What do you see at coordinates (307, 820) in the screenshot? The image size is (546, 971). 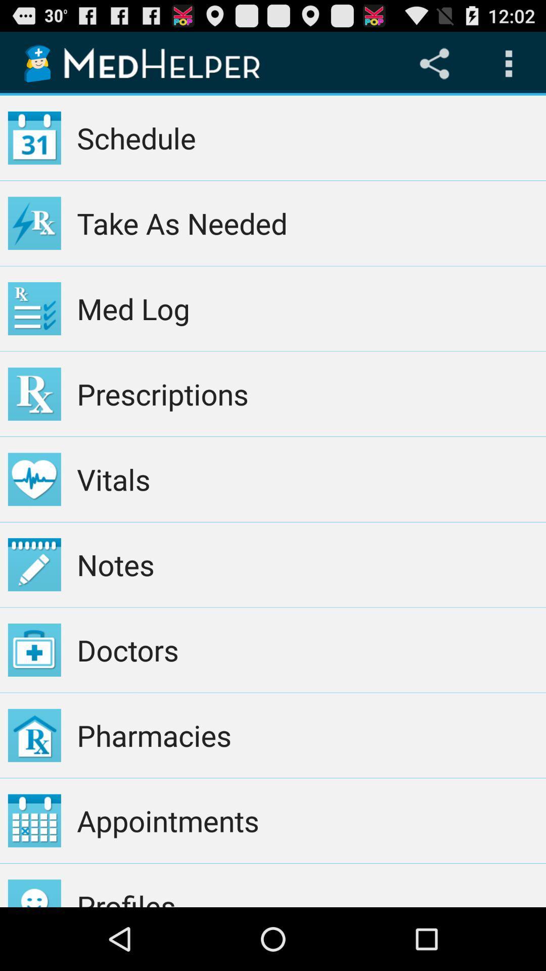 I see `the icon above the profiles item` at bounding box center [307, 820].